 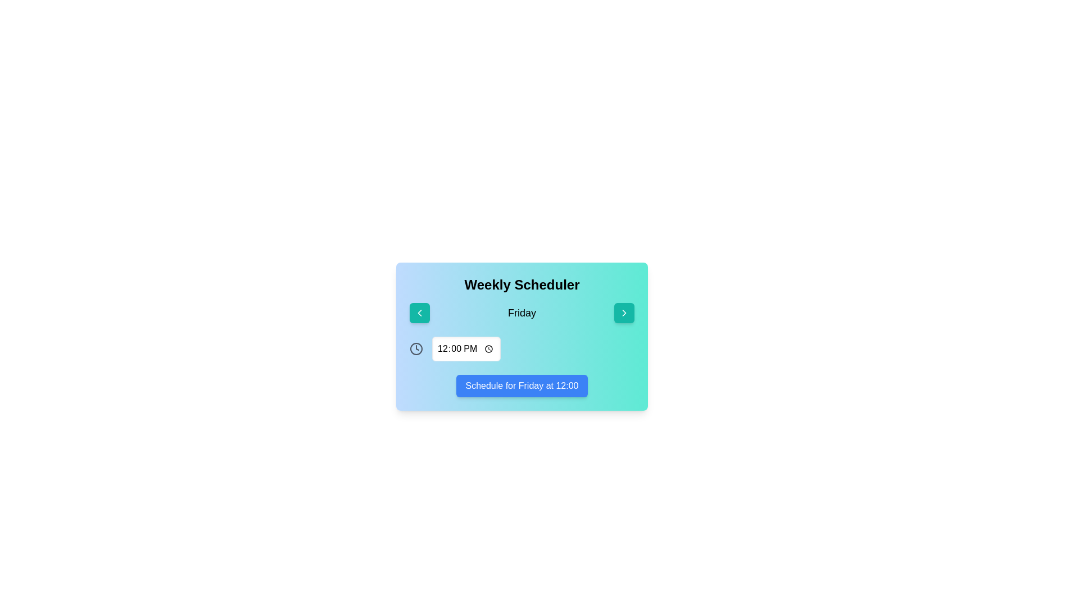 What do you see at coordinates (466, 348) in the screenshot?
I see `the Time input field located to the right of the clock icon under the 'Weekly Scheduler' header` at bounding box center [466, 348].